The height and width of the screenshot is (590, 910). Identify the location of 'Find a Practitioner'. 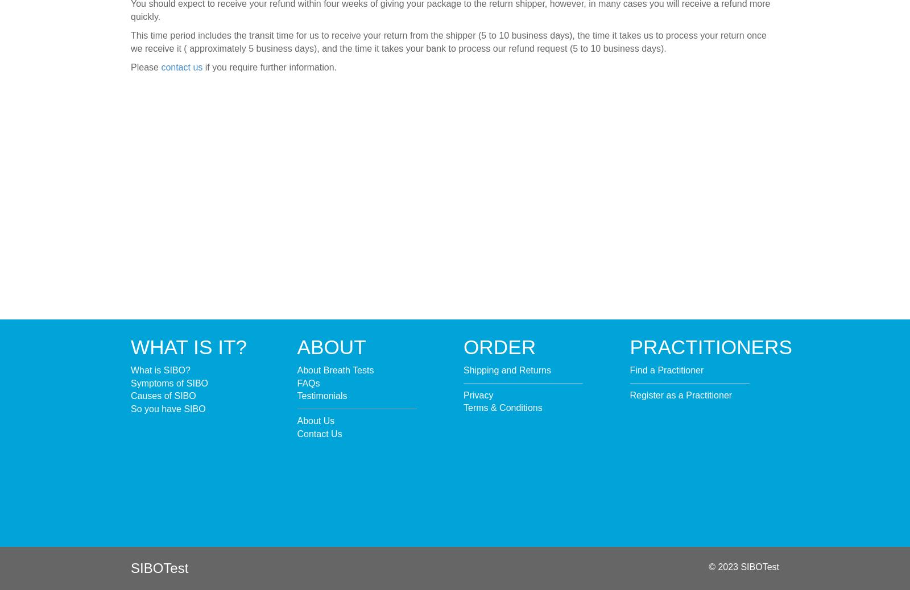
(667, 369).